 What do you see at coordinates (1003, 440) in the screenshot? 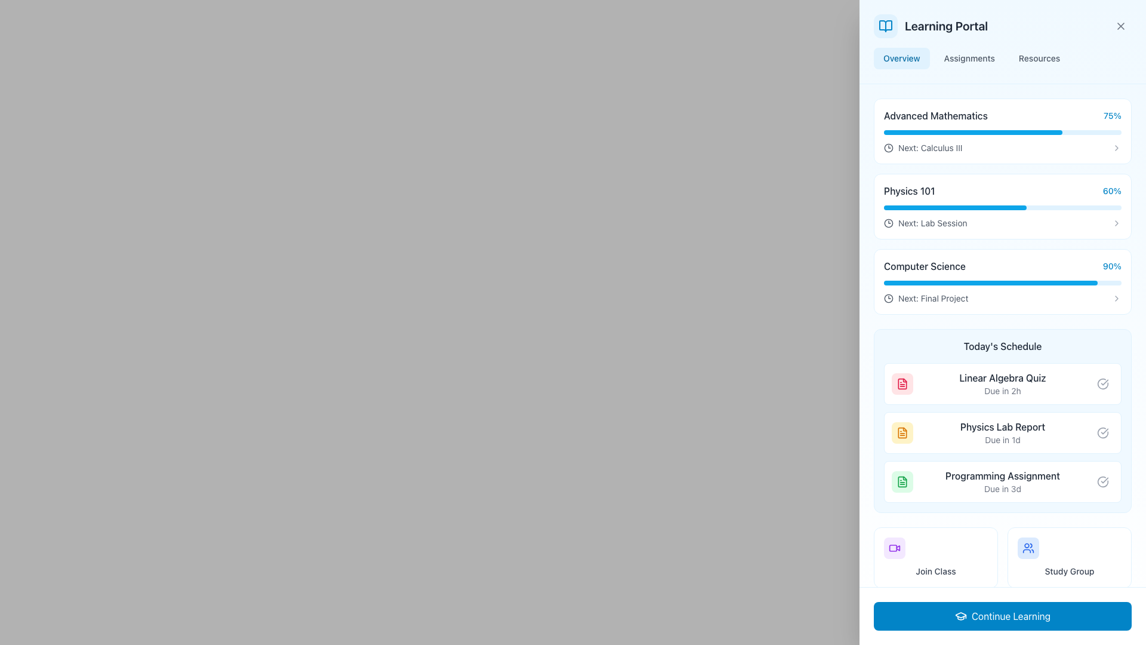
I see `the text element displaying 'Due in 1d', which is located below the title 'Physics Lab Report' in the 'Today's Schedule' section` at bounding box center [1003, 440].